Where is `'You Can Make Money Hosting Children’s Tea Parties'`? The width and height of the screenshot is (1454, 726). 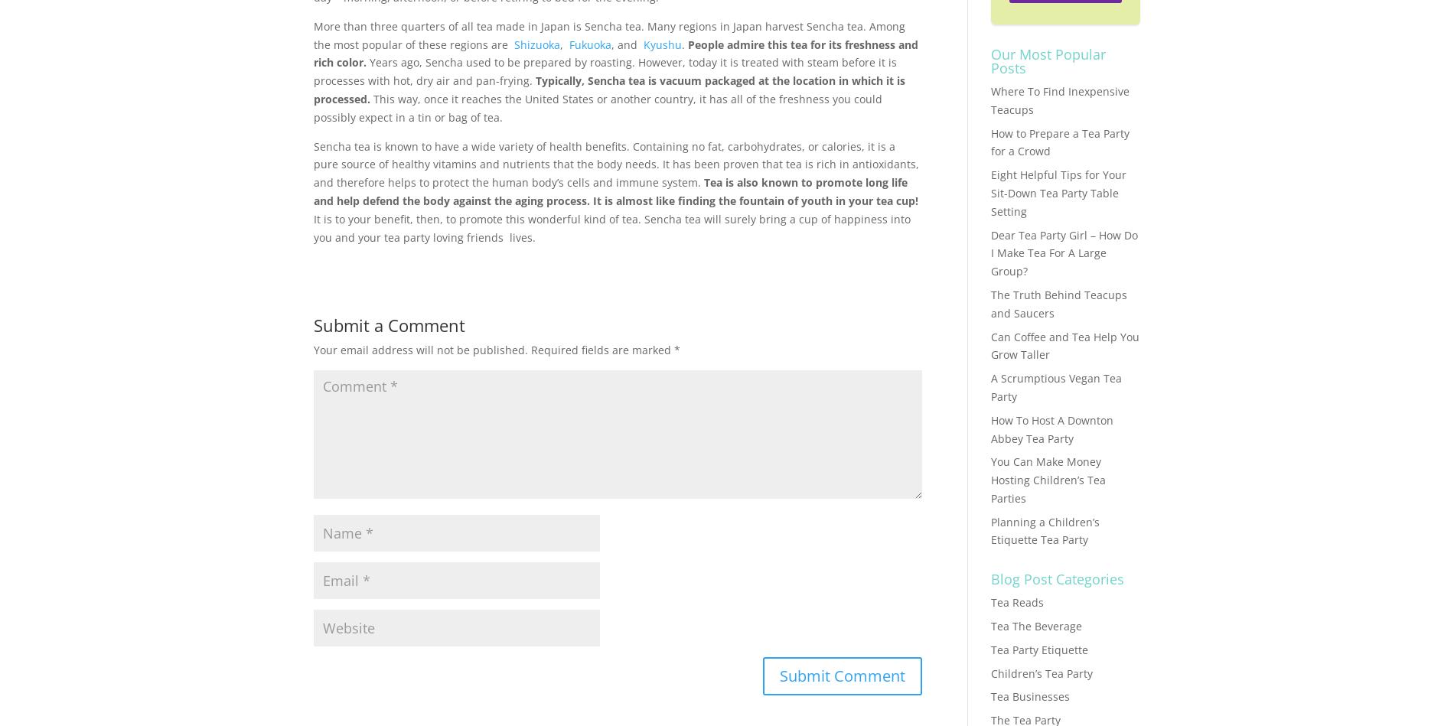 'You Can Make Money Hosting Children’s Tea Parties' is located at coordinates (1046, 479).